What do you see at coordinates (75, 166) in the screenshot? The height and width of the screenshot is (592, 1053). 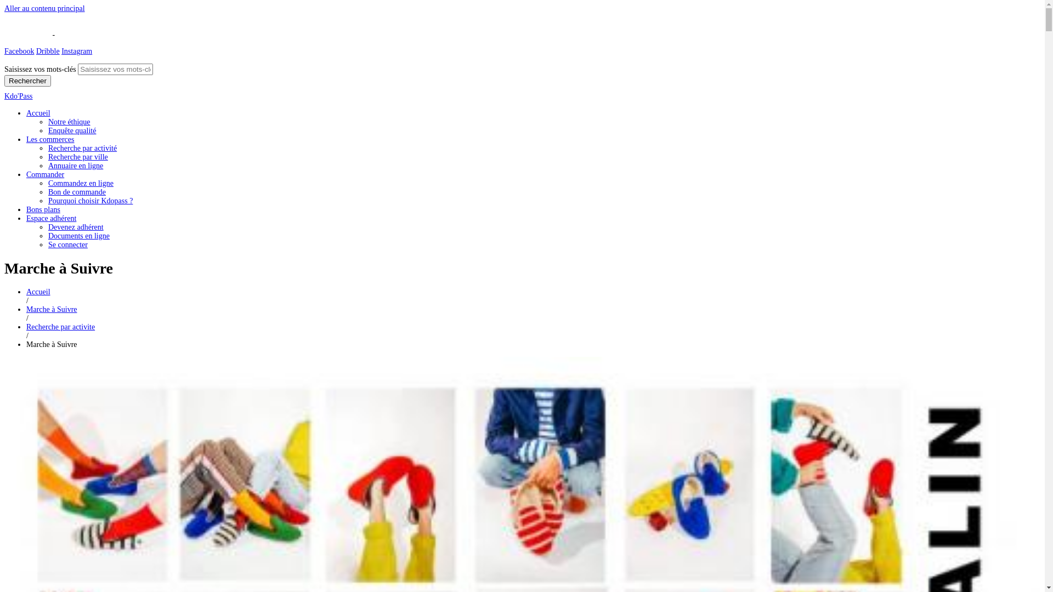 I see `'Annuaire en ligne'` at bounding box center [75, 166].